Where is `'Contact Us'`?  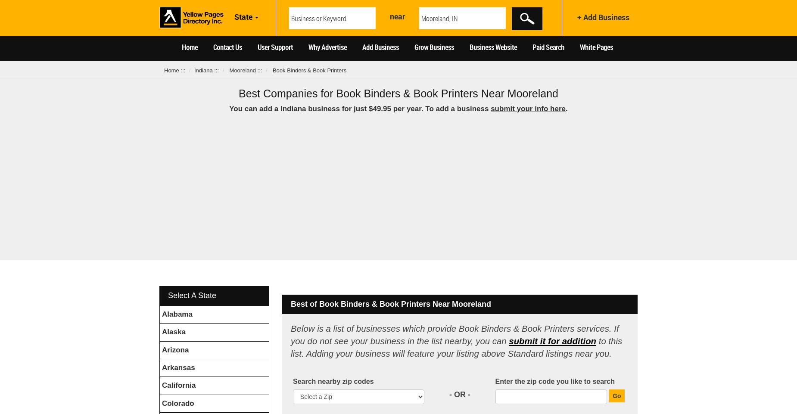
'Contact Us' is located at coordinates (212, 47).